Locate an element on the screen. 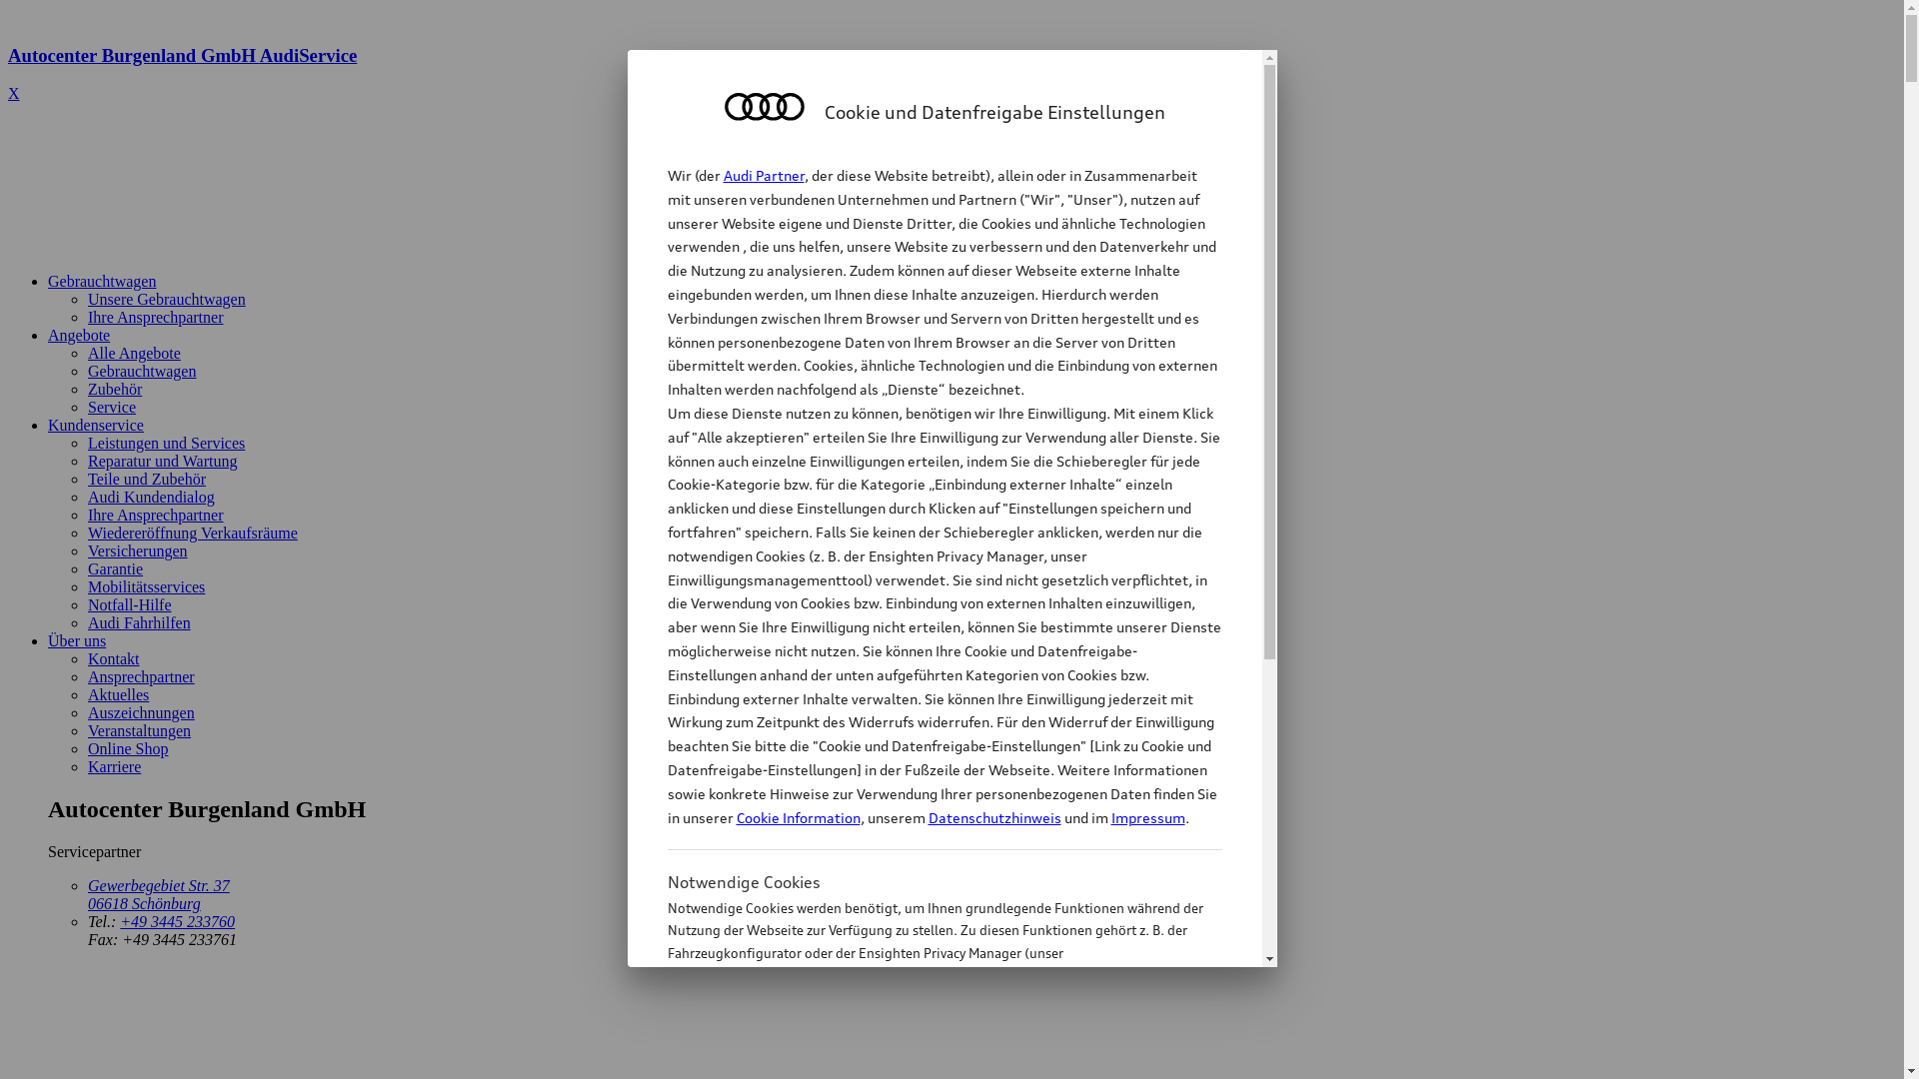 The image size is (1919, 1079). 'Leistungen und Services' is located at coordinates (166, 442).